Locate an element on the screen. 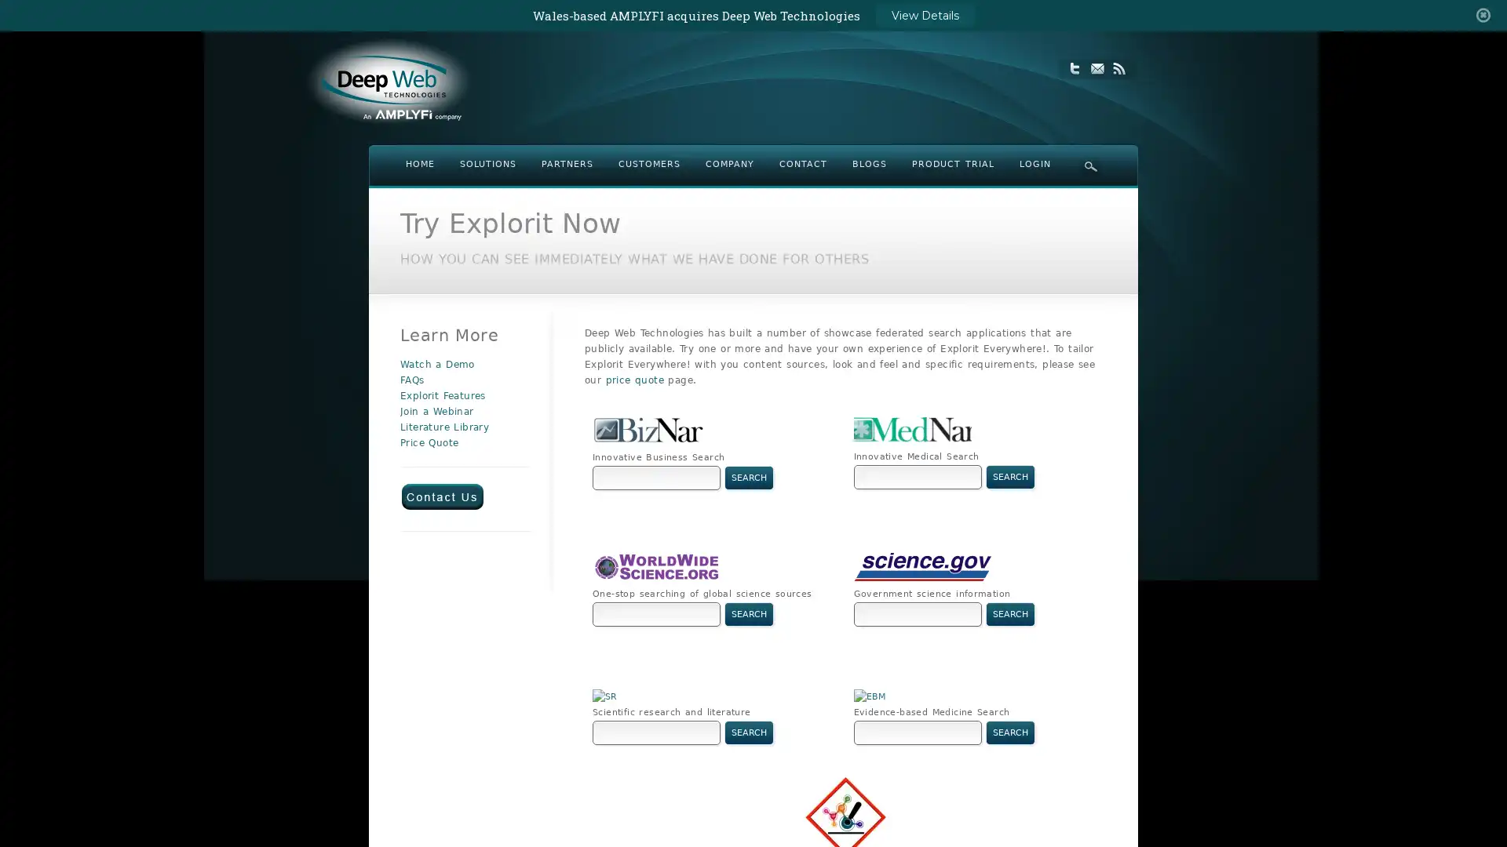 This screenshot has width=1507, height=847. Search is located at coordinates (1009, 613).